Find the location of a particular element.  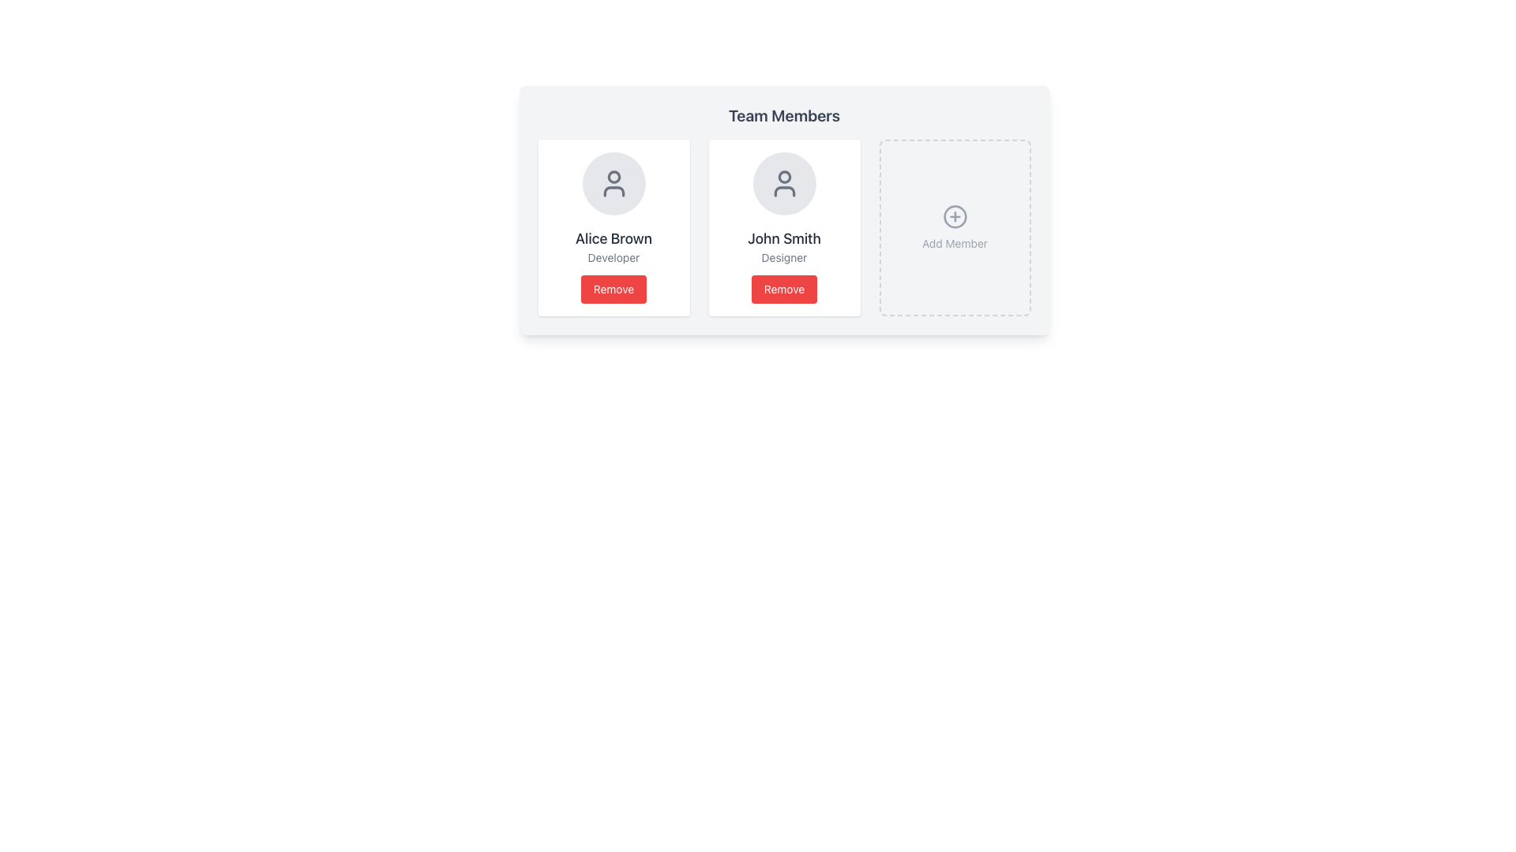

the bright red 'Remove' button with rounded corners located at the bottom of the card labeled 'John Smith, Designer' is located at coordinates (784, 289).